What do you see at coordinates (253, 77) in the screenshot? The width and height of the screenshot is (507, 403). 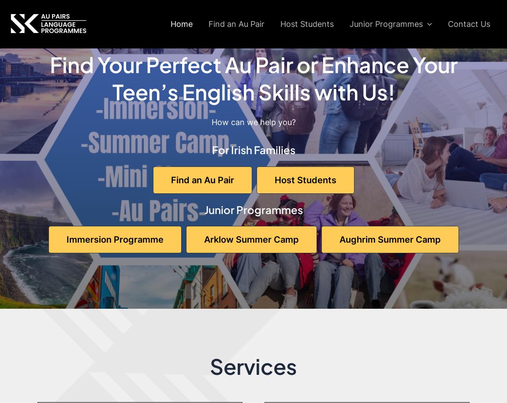 I see `'Find Your Perfect Au Pair or Enhance Your Teen’s English Skills with Us!'` at bounding box center [253, 77].